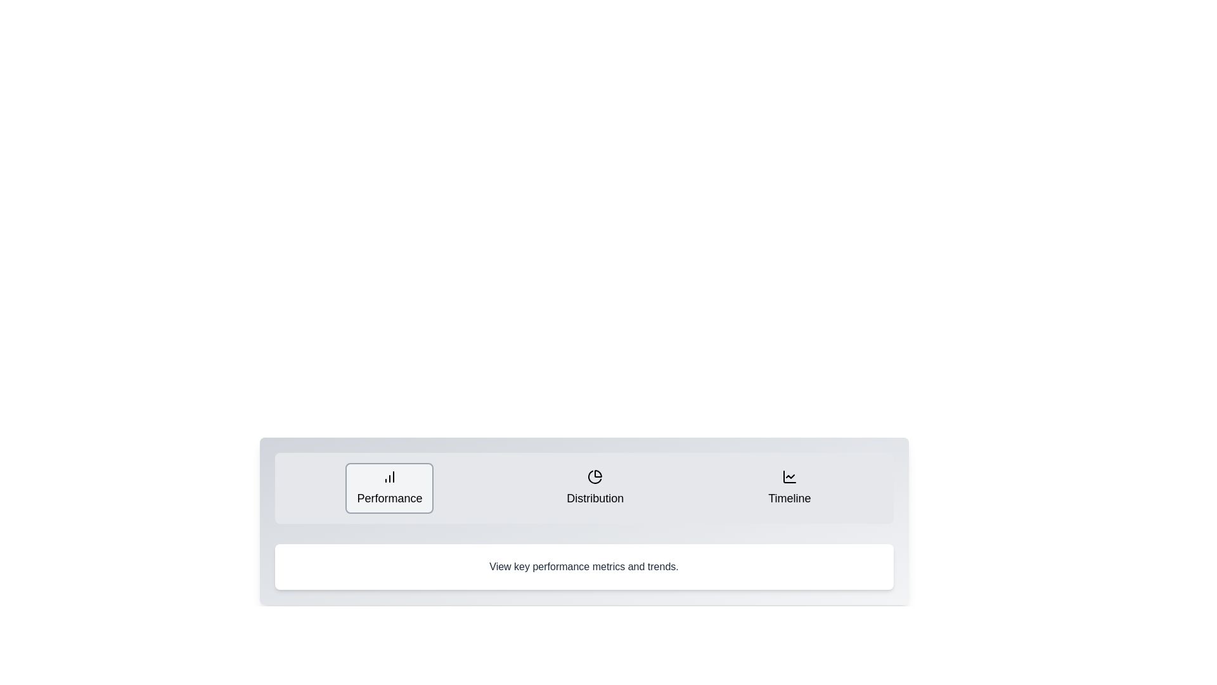 The height and width of the screenshot is (685, 1217). Describe the element at coordinates (595, 488) in the screenshot. I see `the Distribution tab` at that location.